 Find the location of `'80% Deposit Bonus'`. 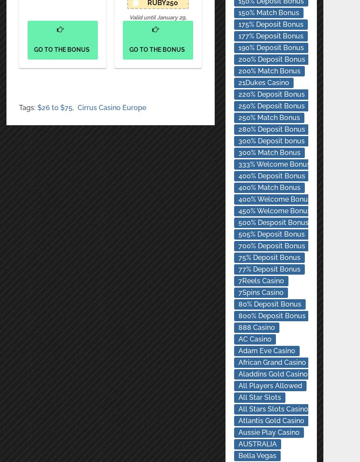

'80% Deposit Bonus' is located at coordinates (269, 304).